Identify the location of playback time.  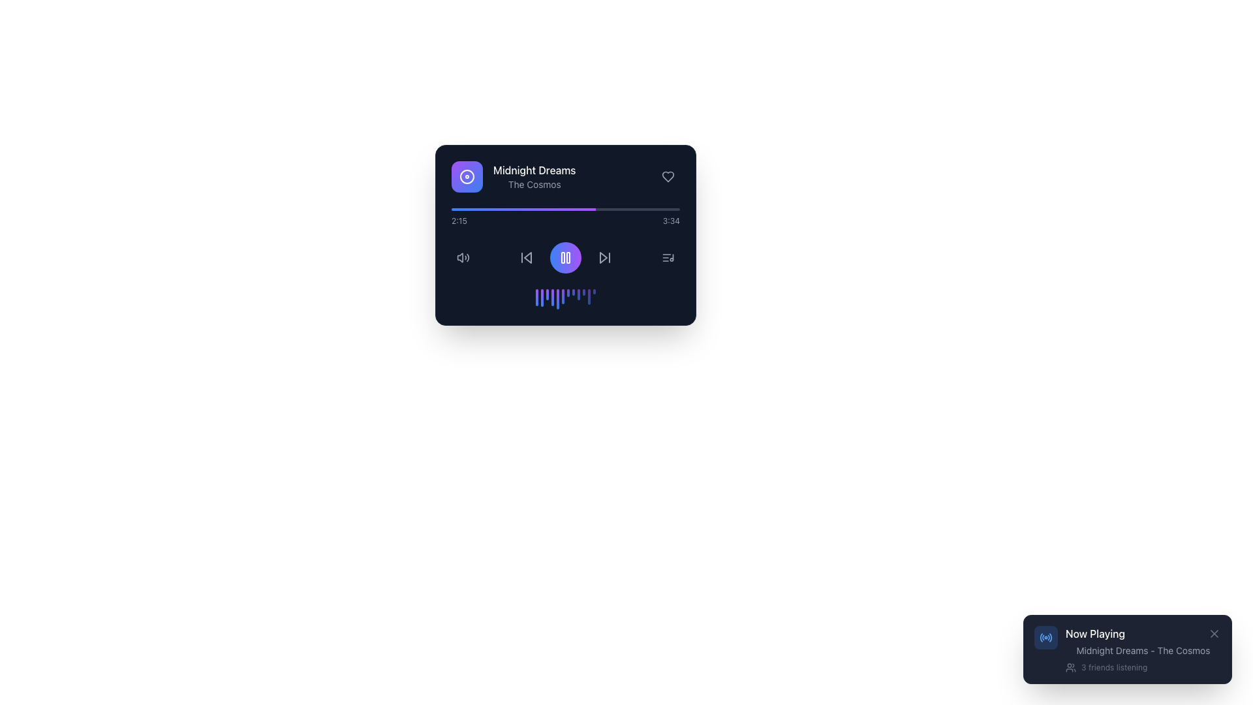
(478, 208).